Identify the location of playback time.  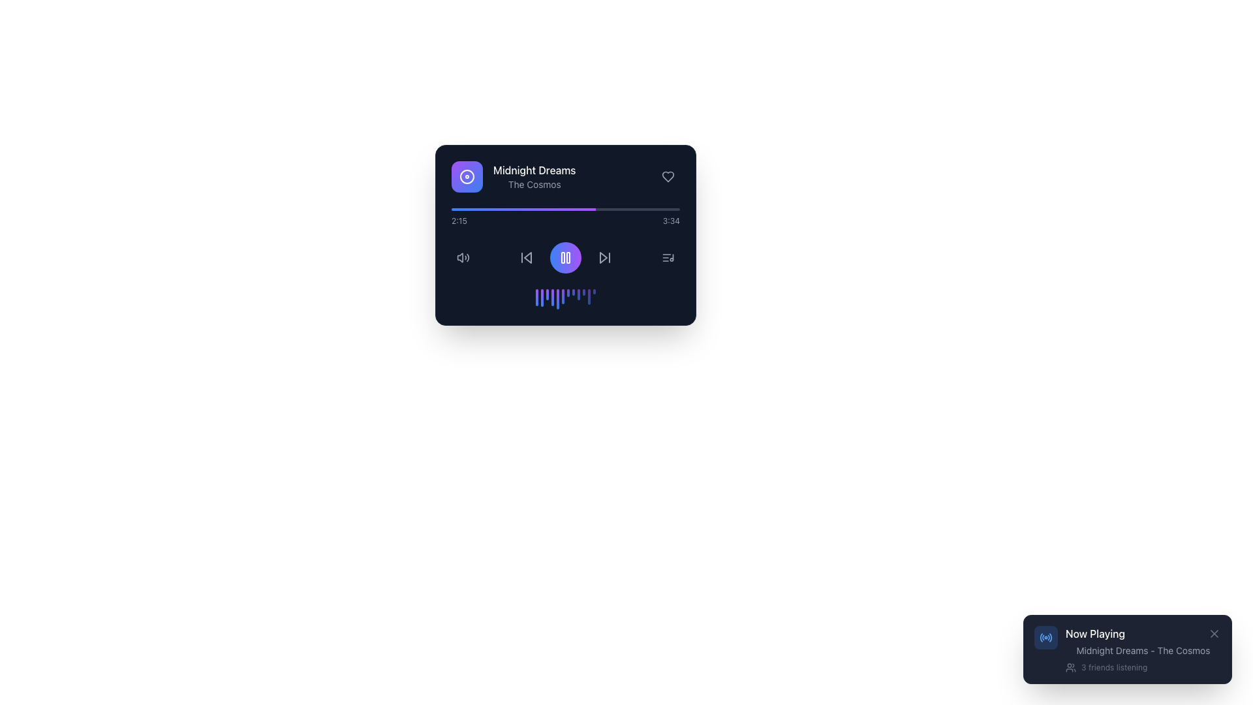
(478, 208).